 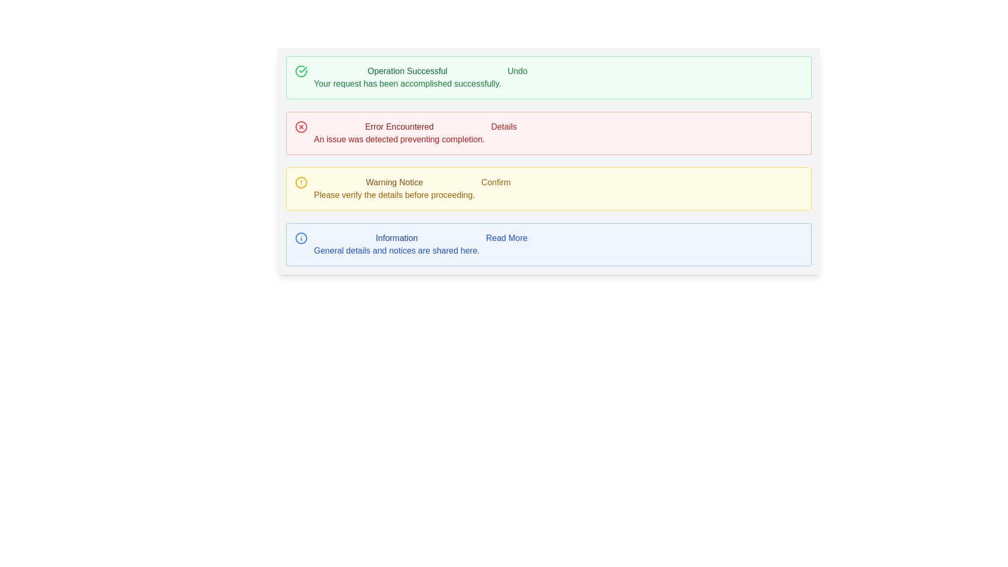 I want to click on textual information block that displays 'Error Encountered' with a warning message, which is centrally aligned within a pale red rectangular alert box, so click(x=398, y=133).